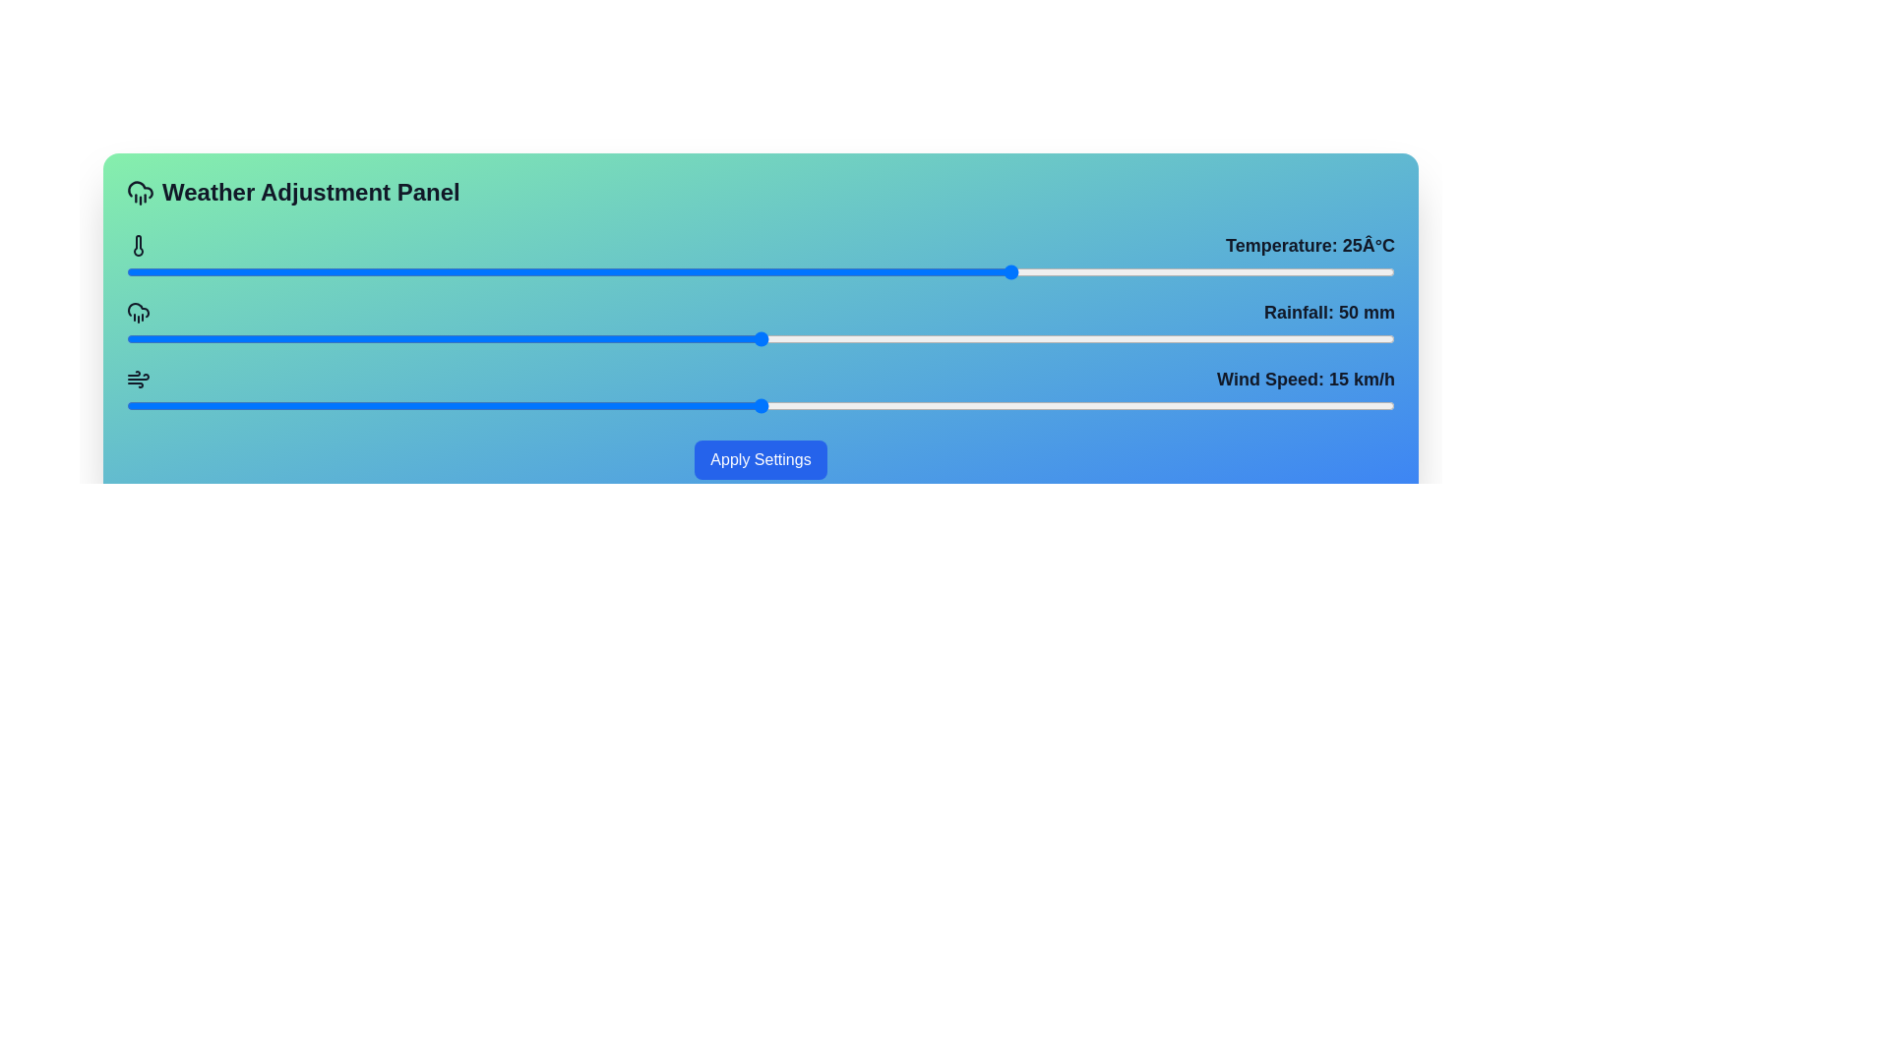  What do you see at coordinates (760, 257) in the screenshot?
I see `the handle of the 'Temperature' slider` at bounding box center [760, 257].